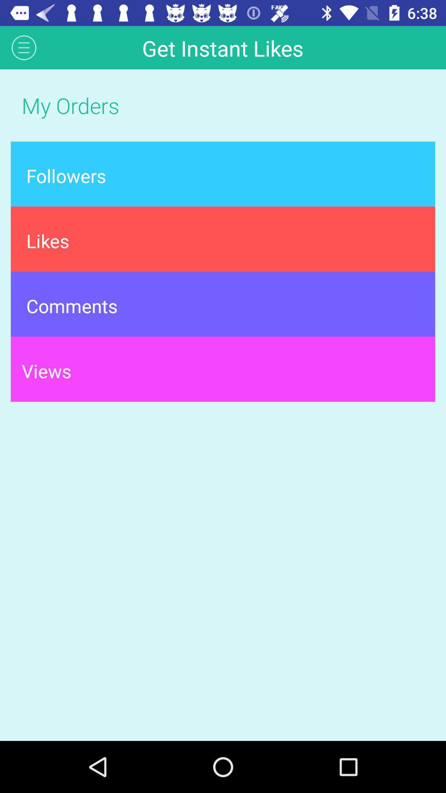 This screenshot has height=793, width=446. What do you see at coordinates (223, 368) in the screenshot?
I see `the icon below the  comments icon` at bounding box center [223, 368].